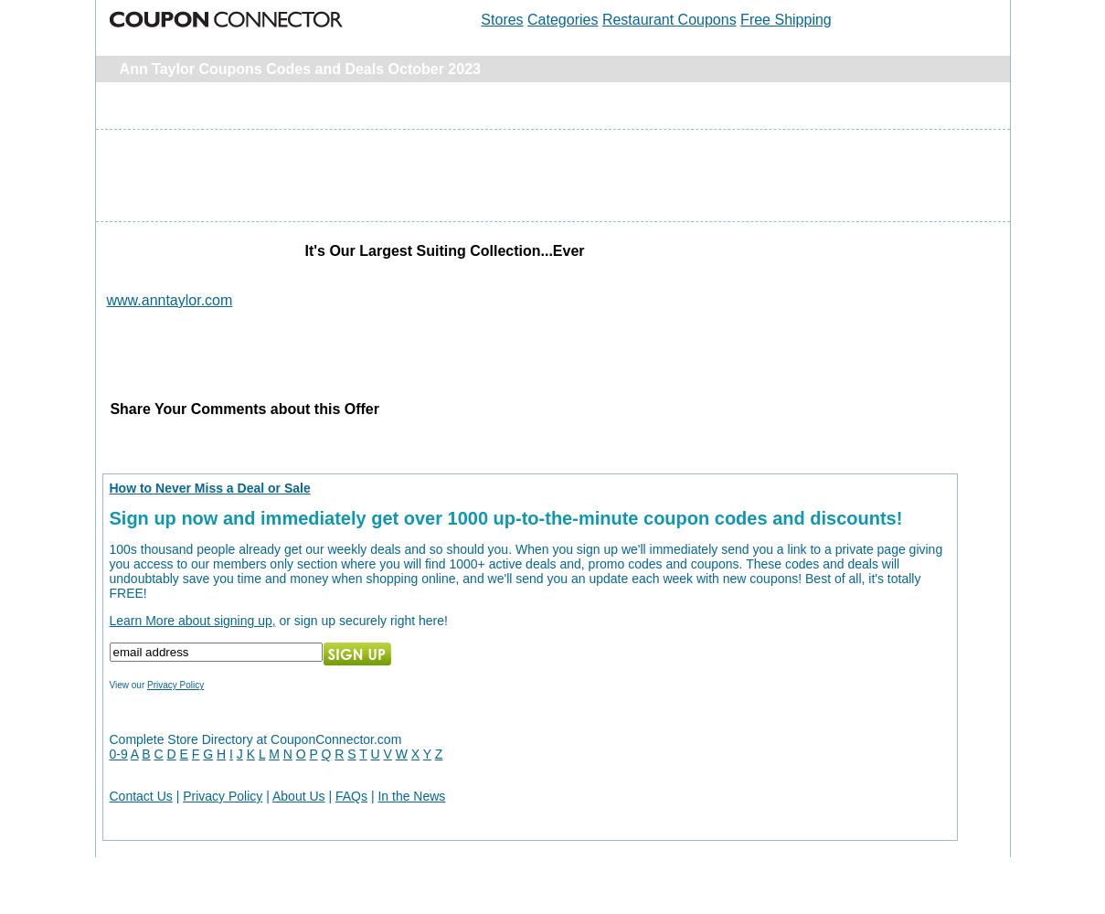 This screenshot has width=1105, height=914. What do you see at coordinates (296, 795) in the screenshot?
I see `'About Us'` at bounding box center [296, 795].